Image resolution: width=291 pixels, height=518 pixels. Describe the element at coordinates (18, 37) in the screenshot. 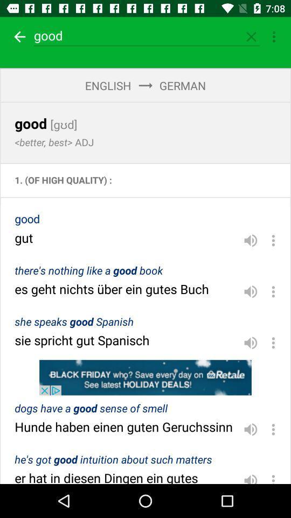

I see `return` at that location.